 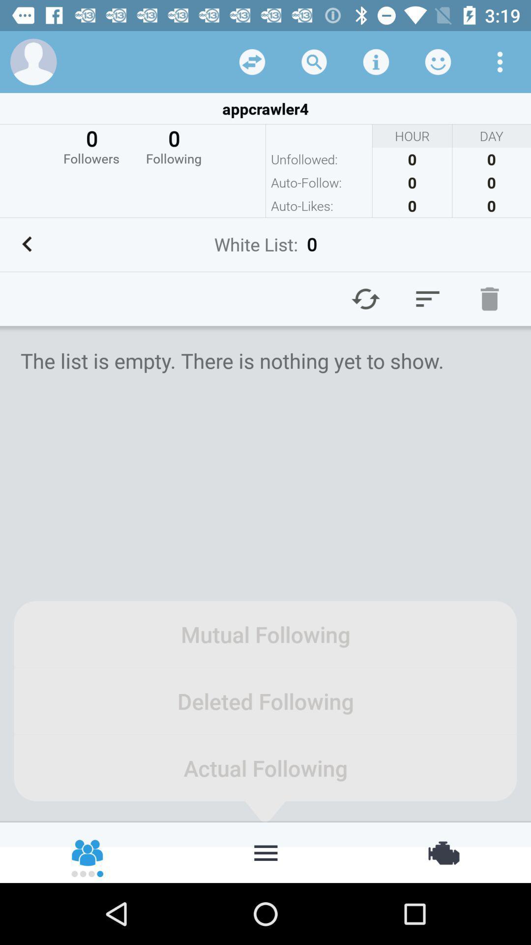 What do you see at coordinates (314, 61) in the screenshot?
I see `search` at bounding box center [314, 61].